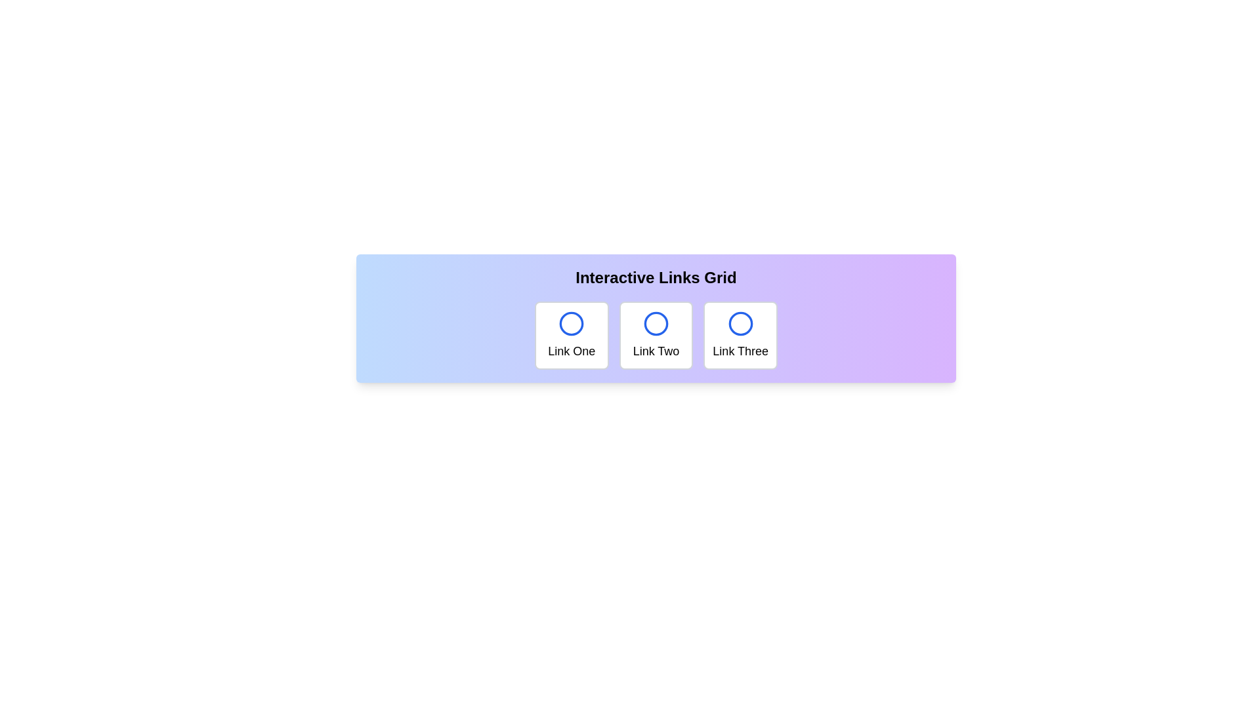 The height and width of the screenshot is (708, 1260). I want to click on the third circular icon in the 'Interactive Links Grid' below the text 'Link Three' as a visual indication, so click(740, 323).